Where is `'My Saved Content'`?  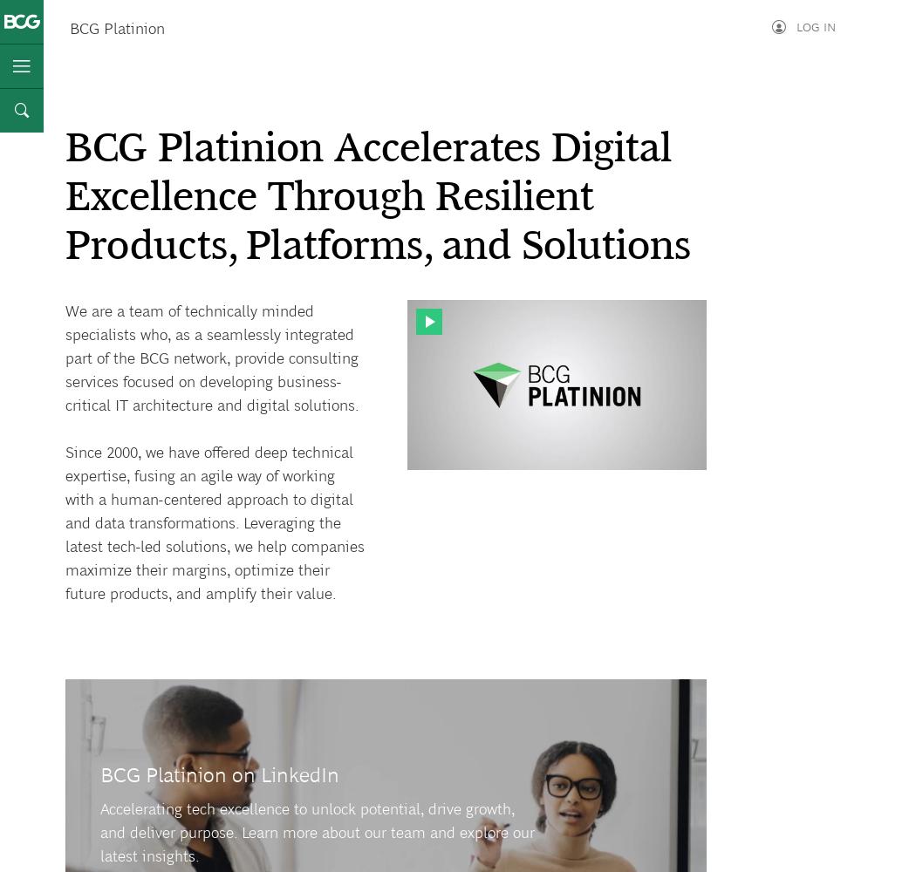 'My Saved Content' is located at coordinates (765, 209).